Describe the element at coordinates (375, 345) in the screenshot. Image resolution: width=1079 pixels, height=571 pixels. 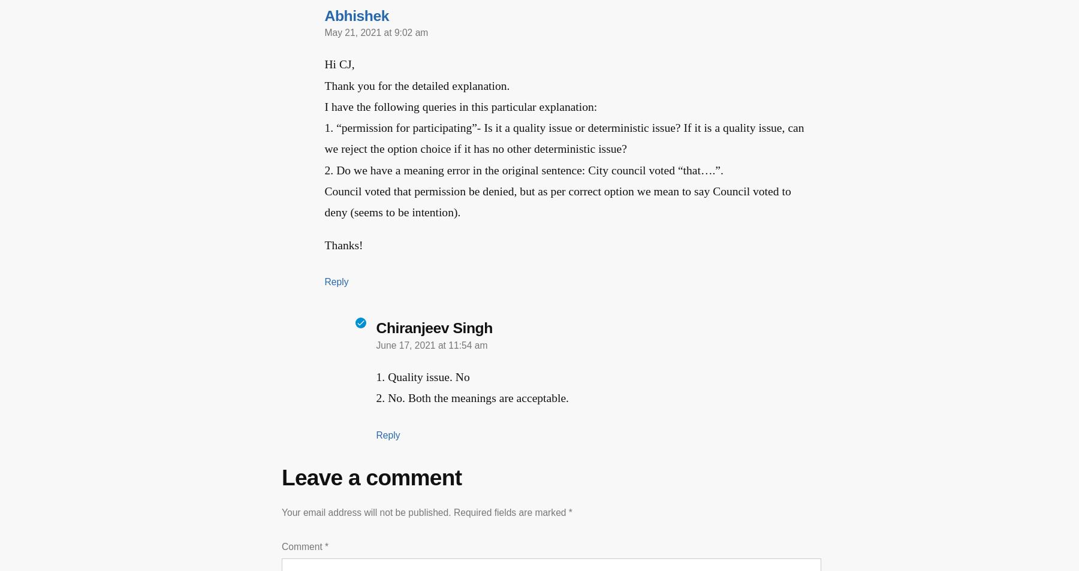
I see `'June 17, 2021 at 11:54 am'` at that location.